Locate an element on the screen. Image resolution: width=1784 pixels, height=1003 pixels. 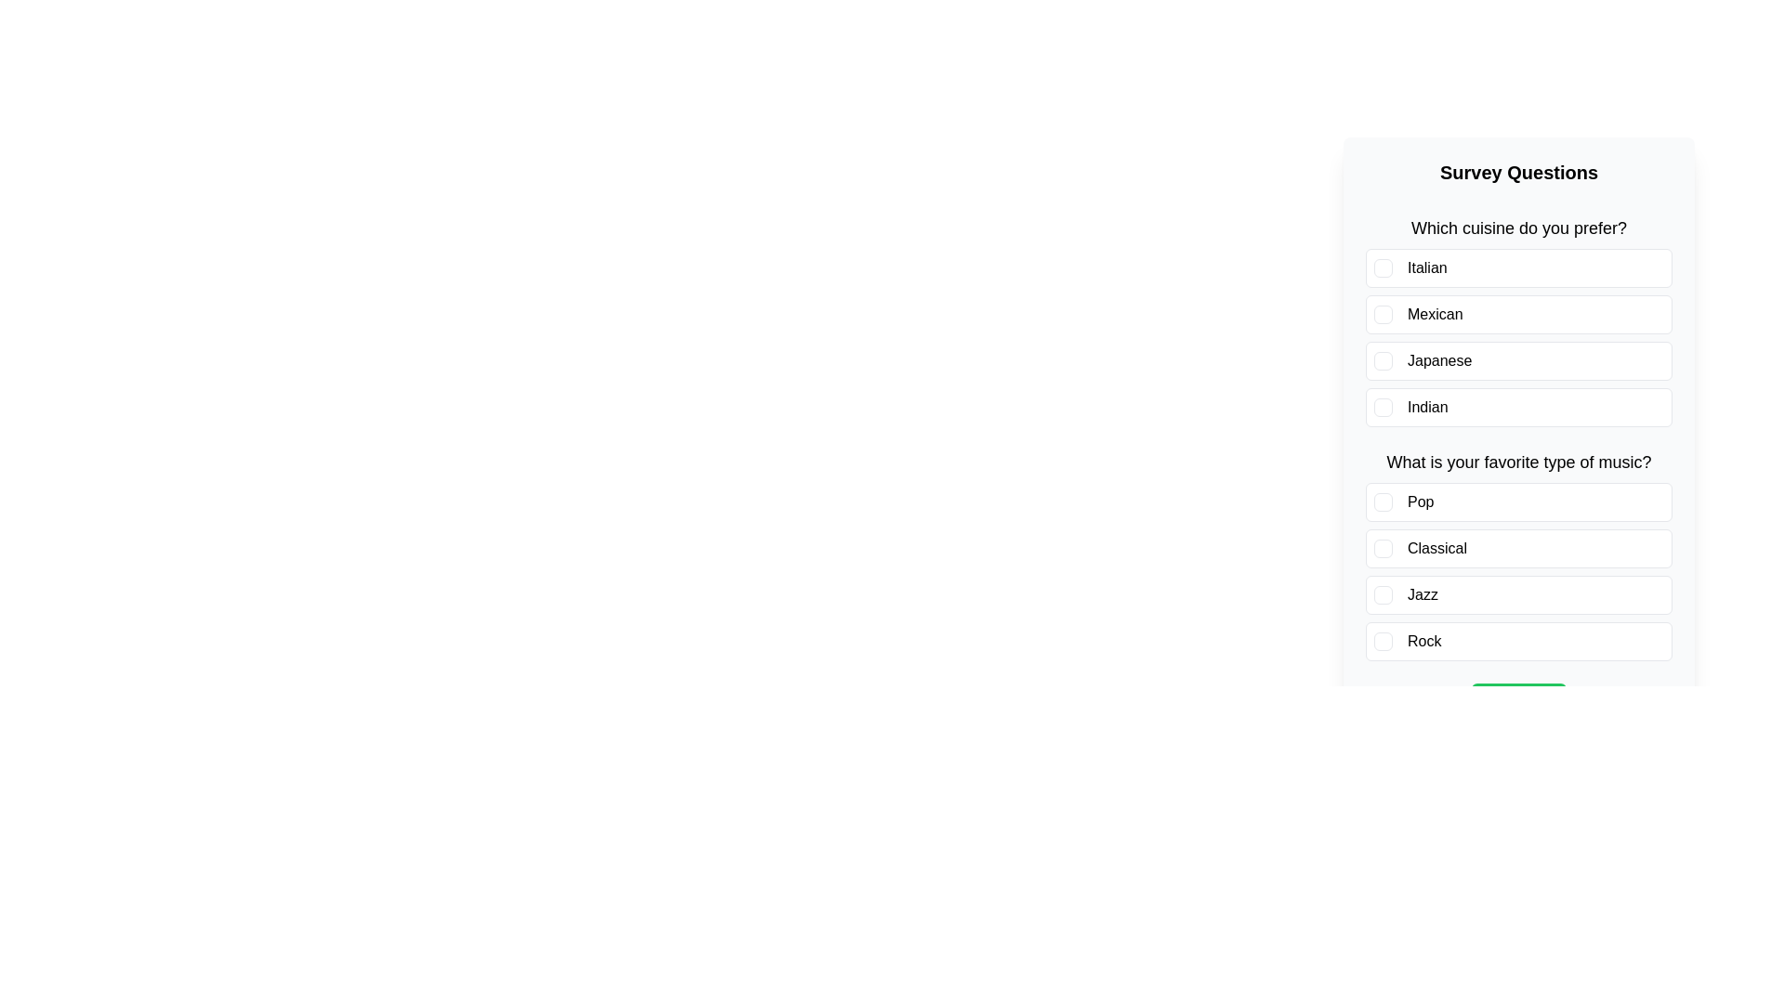
the answer option Pop is located at coordinates (1519, 501).